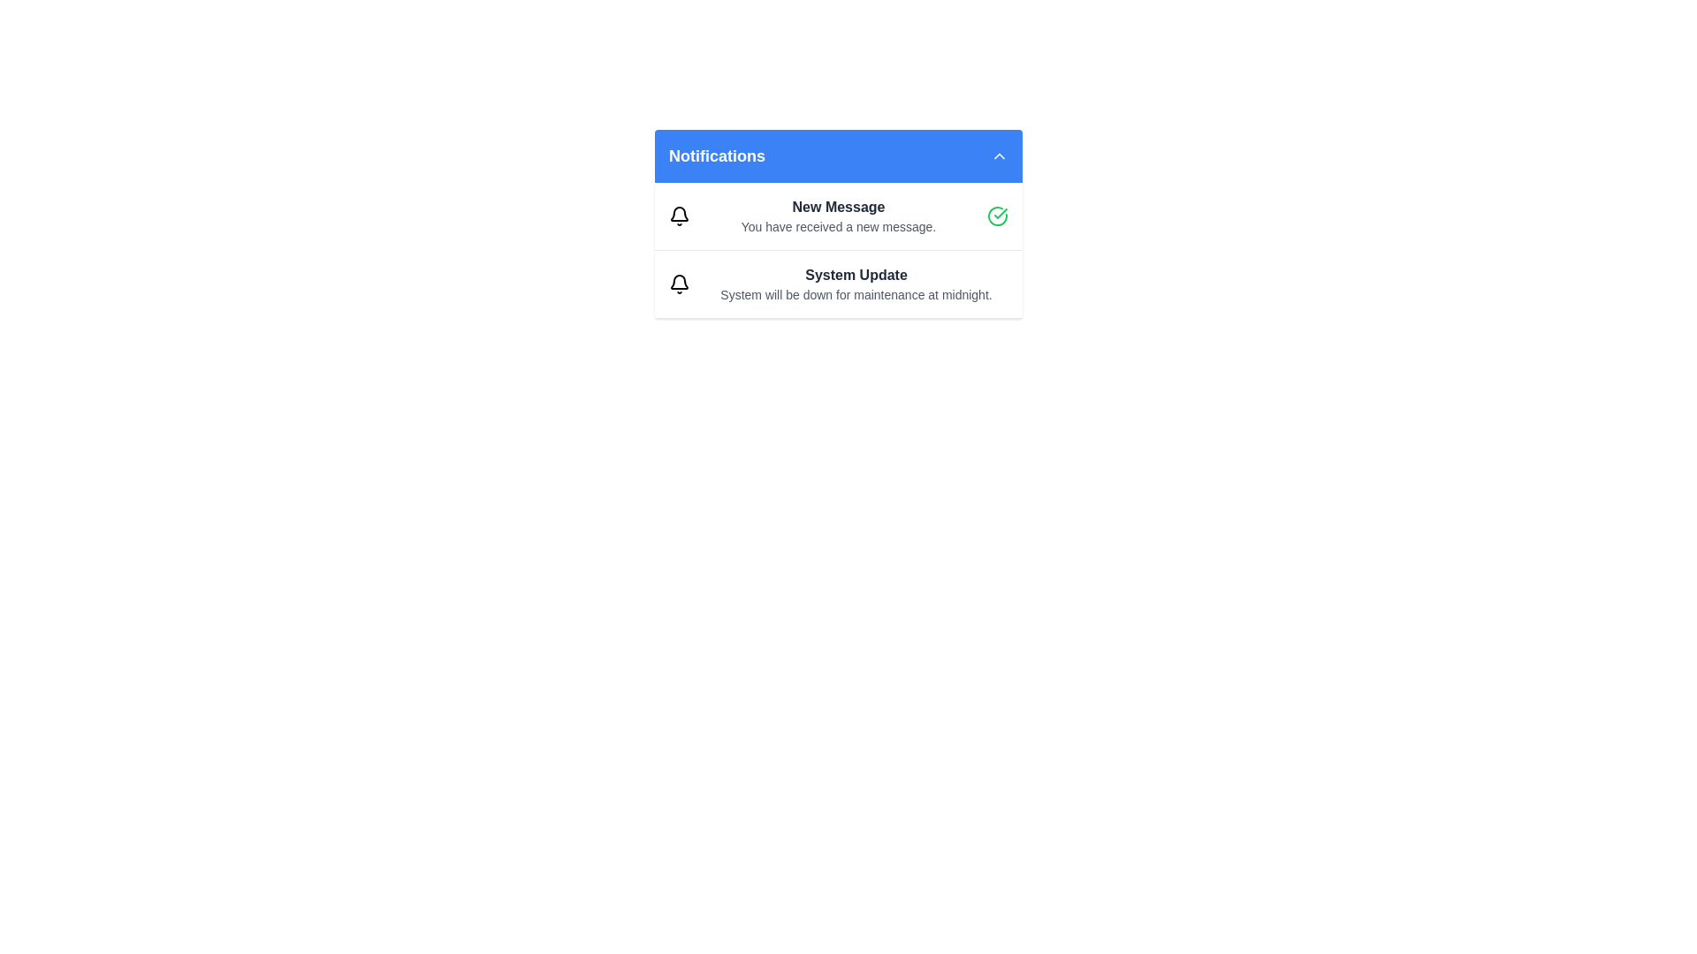 The width and height of the screenshot is (1697, 954). I want to click on text content of the 'Notifications' label, which is displayed in bold, large white font on a blue background, so click(717, 155).